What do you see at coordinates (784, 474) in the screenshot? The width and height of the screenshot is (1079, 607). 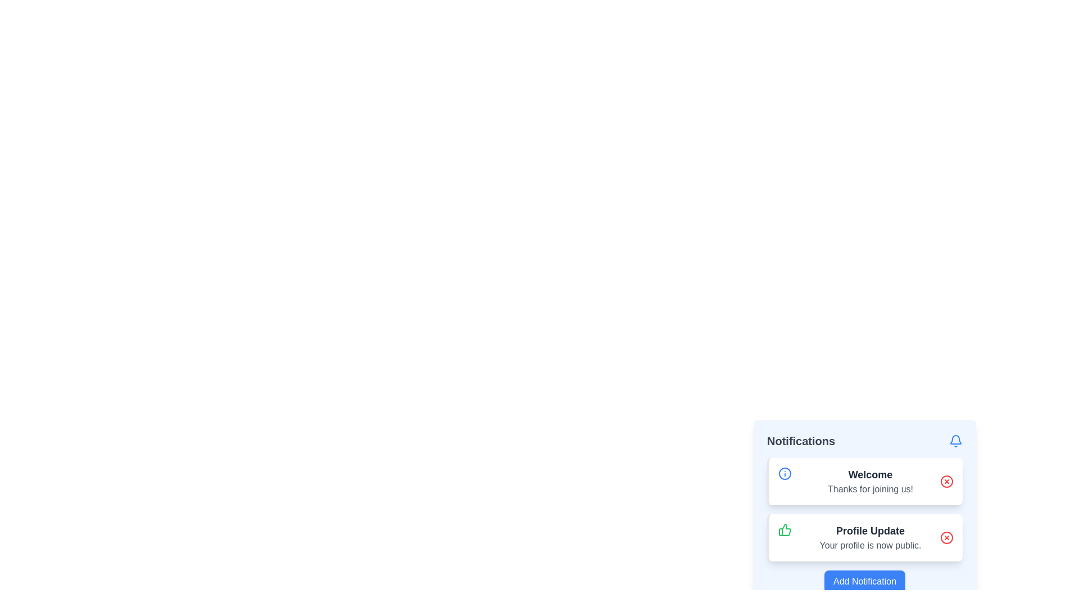 I see `the outer circular SVG graphic component of the 'info' icon located at the top-right corner of the notification card` at bounding box center [784, 474].